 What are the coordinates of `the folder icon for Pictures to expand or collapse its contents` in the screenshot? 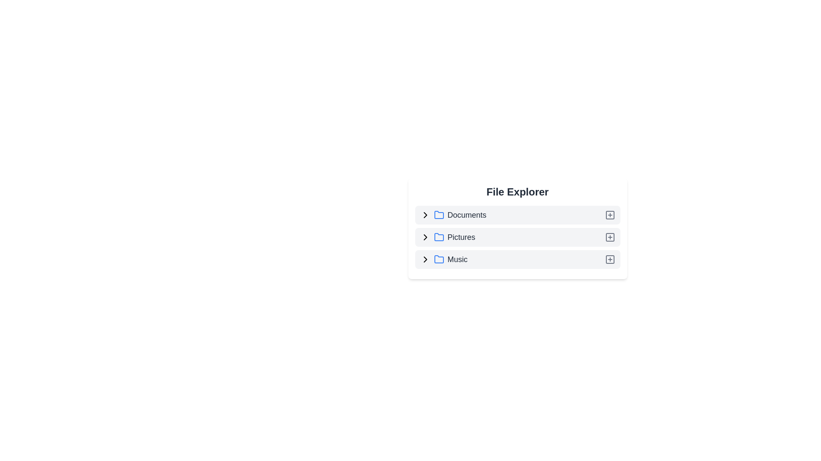 It's located at (439, 237).